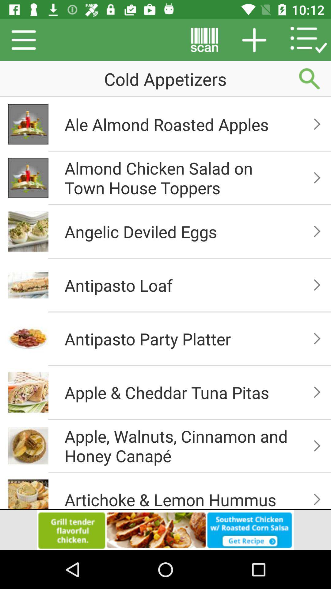  Describe the element at coordinates (309, 40) in the screenshot. I see `the list icon` at that location.